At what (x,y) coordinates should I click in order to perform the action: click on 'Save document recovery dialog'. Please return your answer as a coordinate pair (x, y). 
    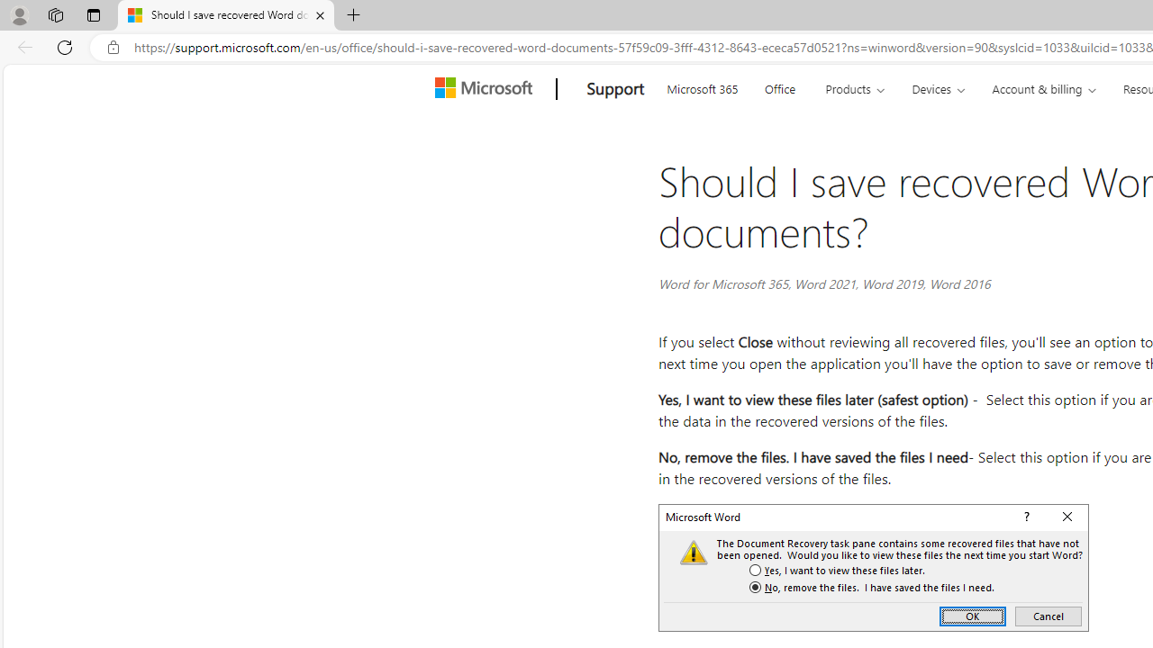
    Looking at the image, I should click on (874, 567).